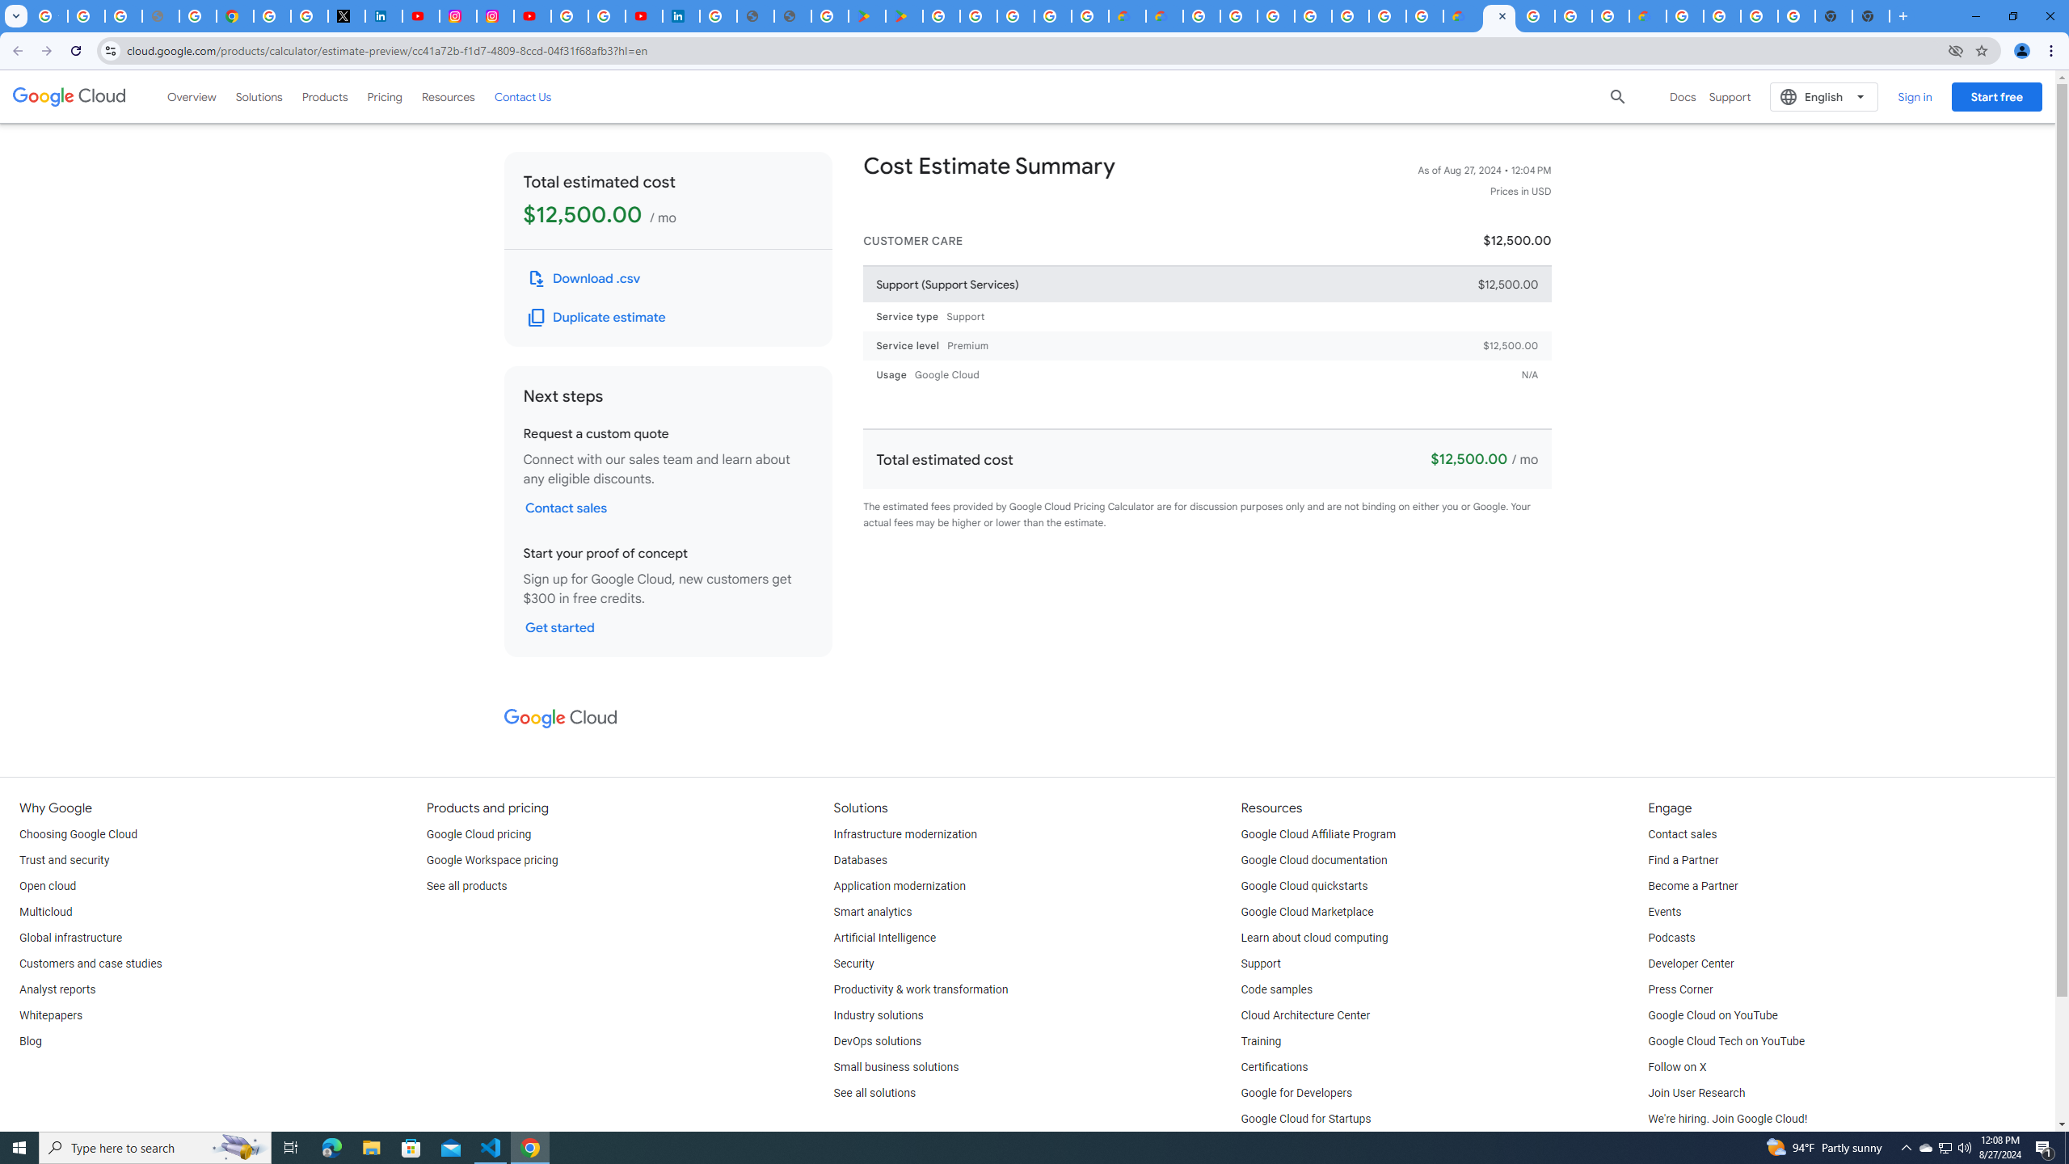 Image resolution: width=2069 pixels, height=1164 pixels. I want to click on 'PAW Patrol Rescue World - Apps on Google Play', so click(905, 15).